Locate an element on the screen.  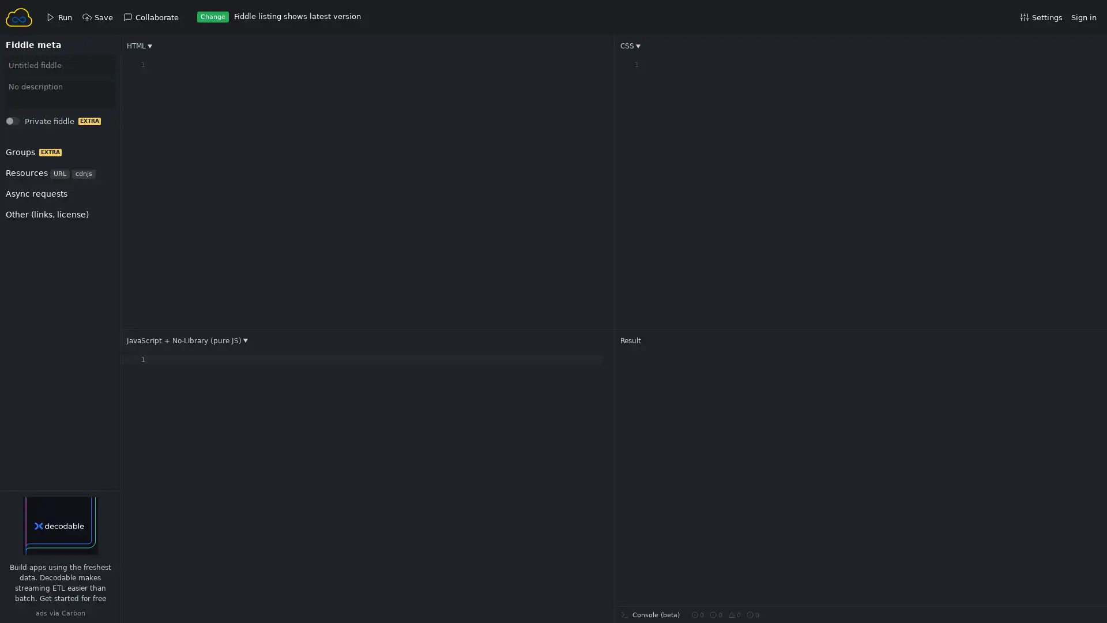
Fork is located at coordinates (24, 124).